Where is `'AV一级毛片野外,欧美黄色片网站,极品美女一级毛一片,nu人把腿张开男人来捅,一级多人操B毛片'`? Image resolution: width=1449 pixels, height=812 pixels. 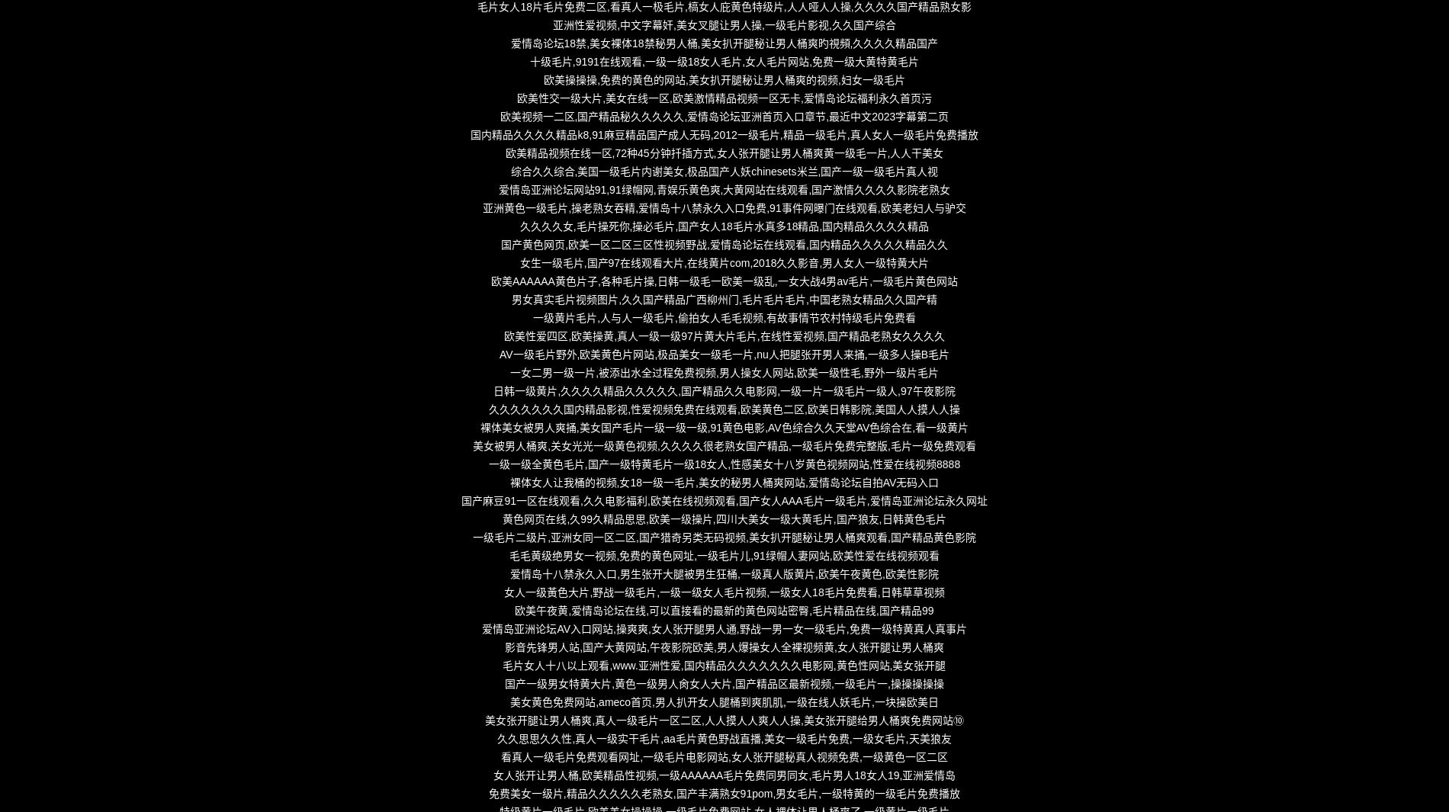 'AV一级毛片野外,欧美黄色片网站,极品美女一级毛一片,nu人把腿张开男人来捅,一级多人操B毛片' is located at coordinates (723, 353).